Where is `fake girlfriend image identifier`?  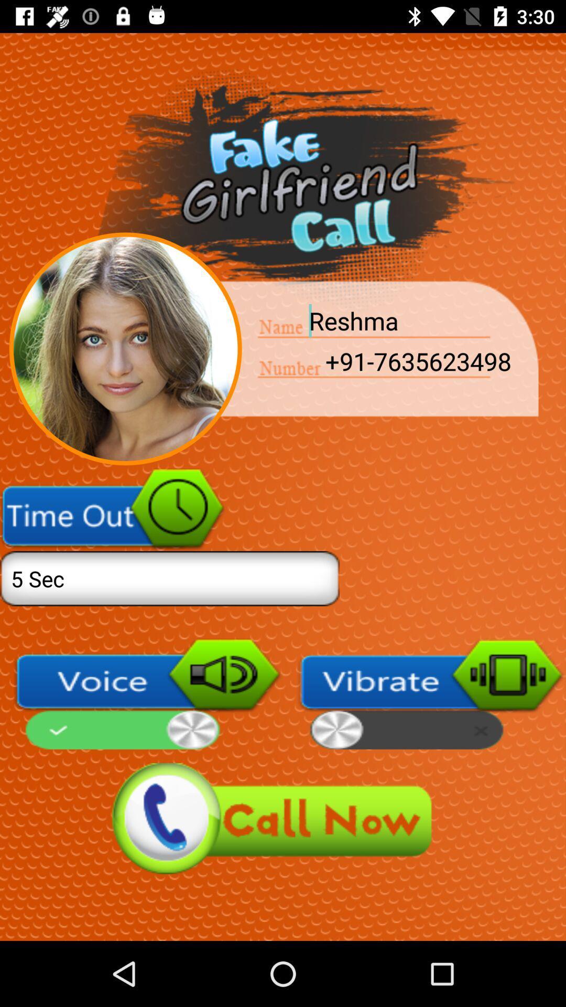
fake girlfriend image identifier is located at coordinates (125, 349).